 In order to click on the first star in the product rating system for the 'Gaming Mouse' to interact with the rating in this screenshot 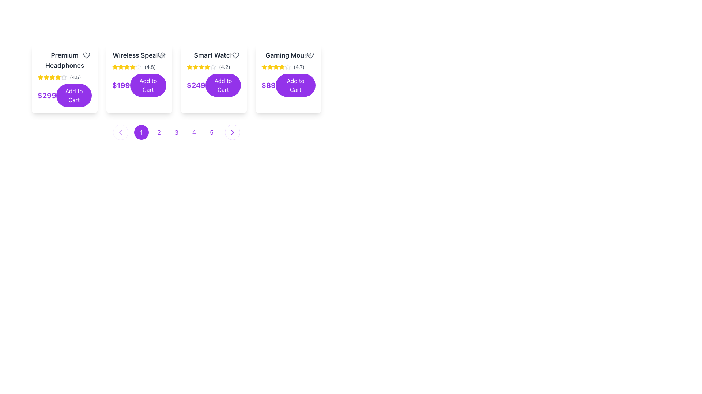, I will do `click(270, 67)`.